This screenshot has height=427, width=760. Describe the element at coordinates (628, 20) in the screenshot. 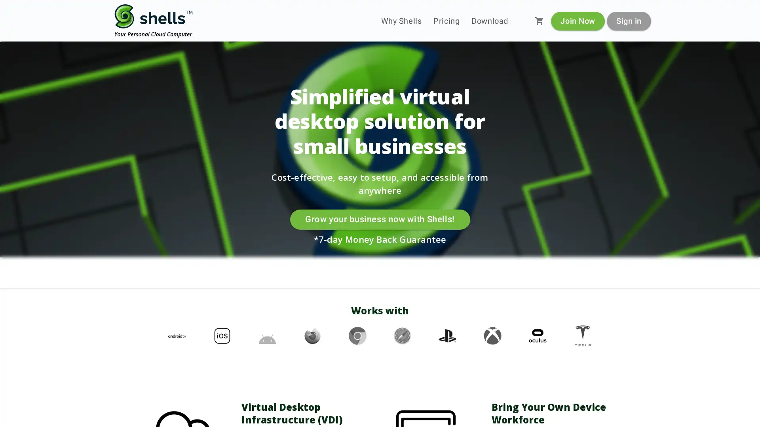

I see `Sign in` at that location.